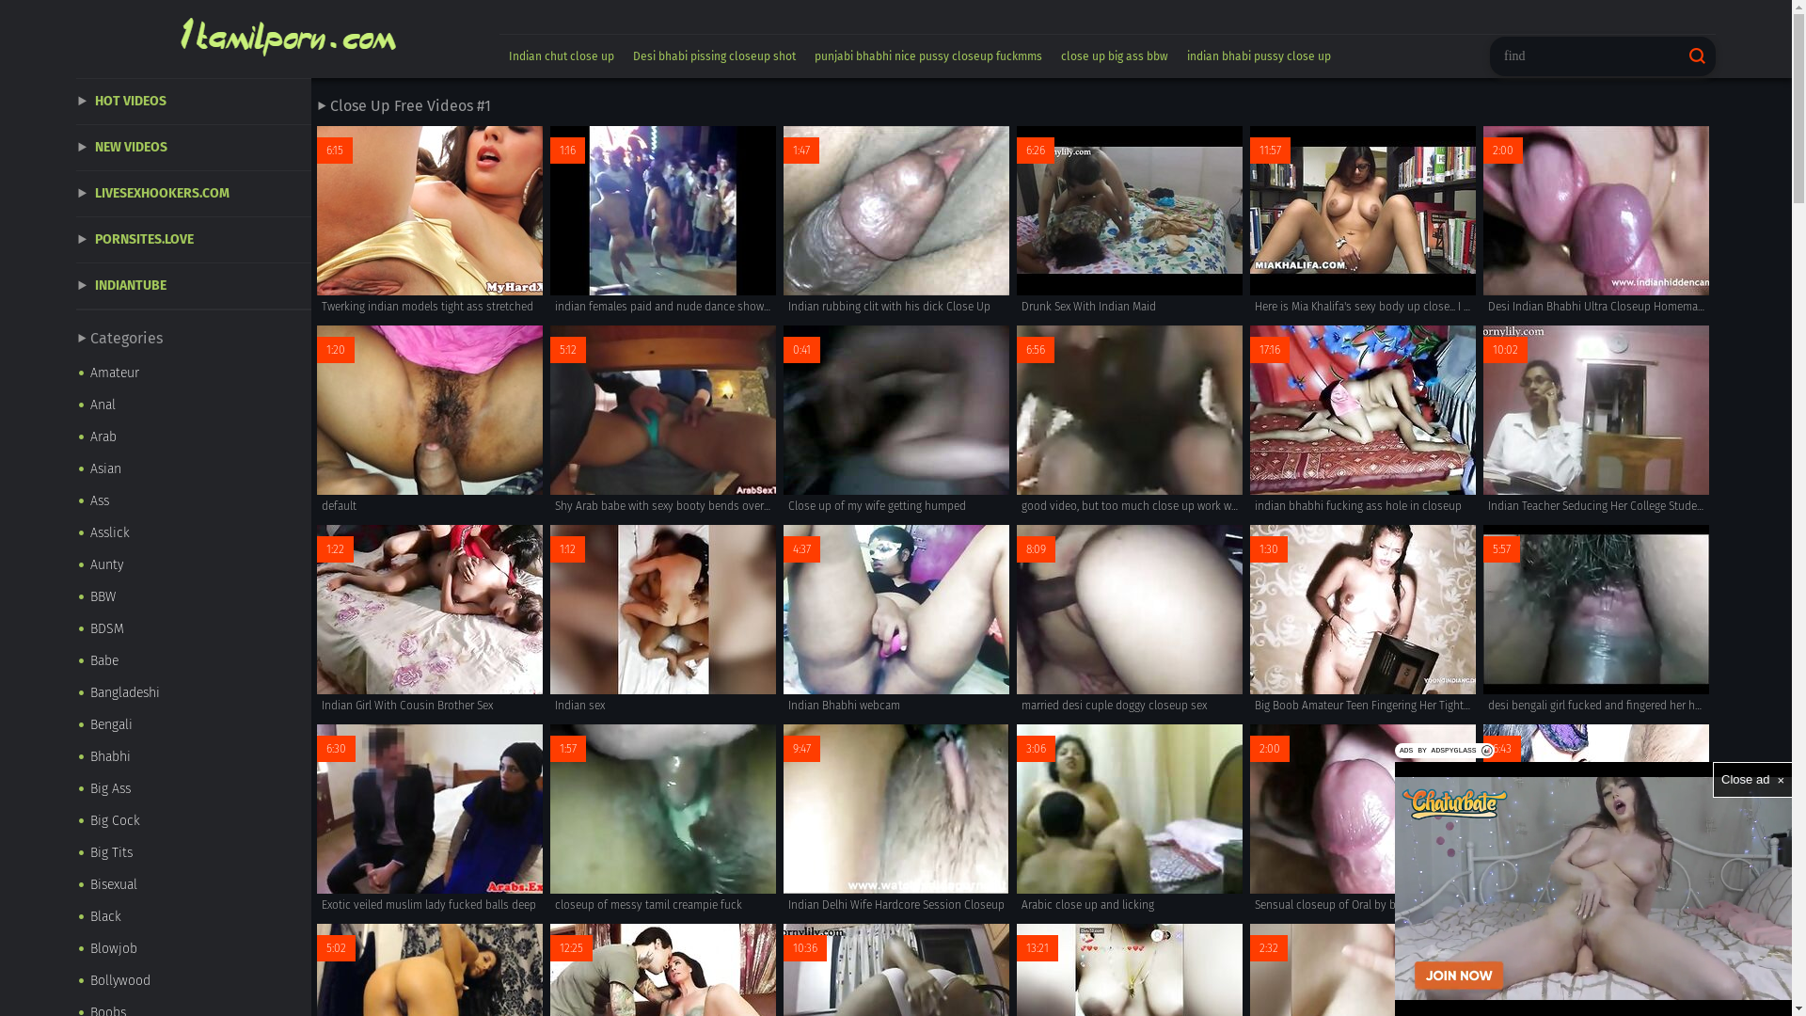 The height and width of the screenshot is (1016, 1806). I want to click on '1:12, so click(663, 620).